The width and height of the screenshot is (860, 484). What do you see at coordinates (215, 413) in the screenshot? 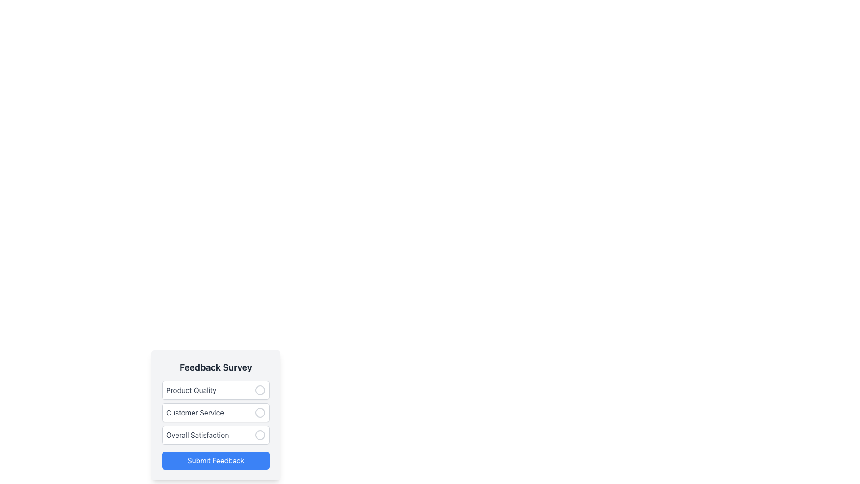
I see `the 'Customer Service' radio button option in the user feedback survey` at bounding box center [215, 413].